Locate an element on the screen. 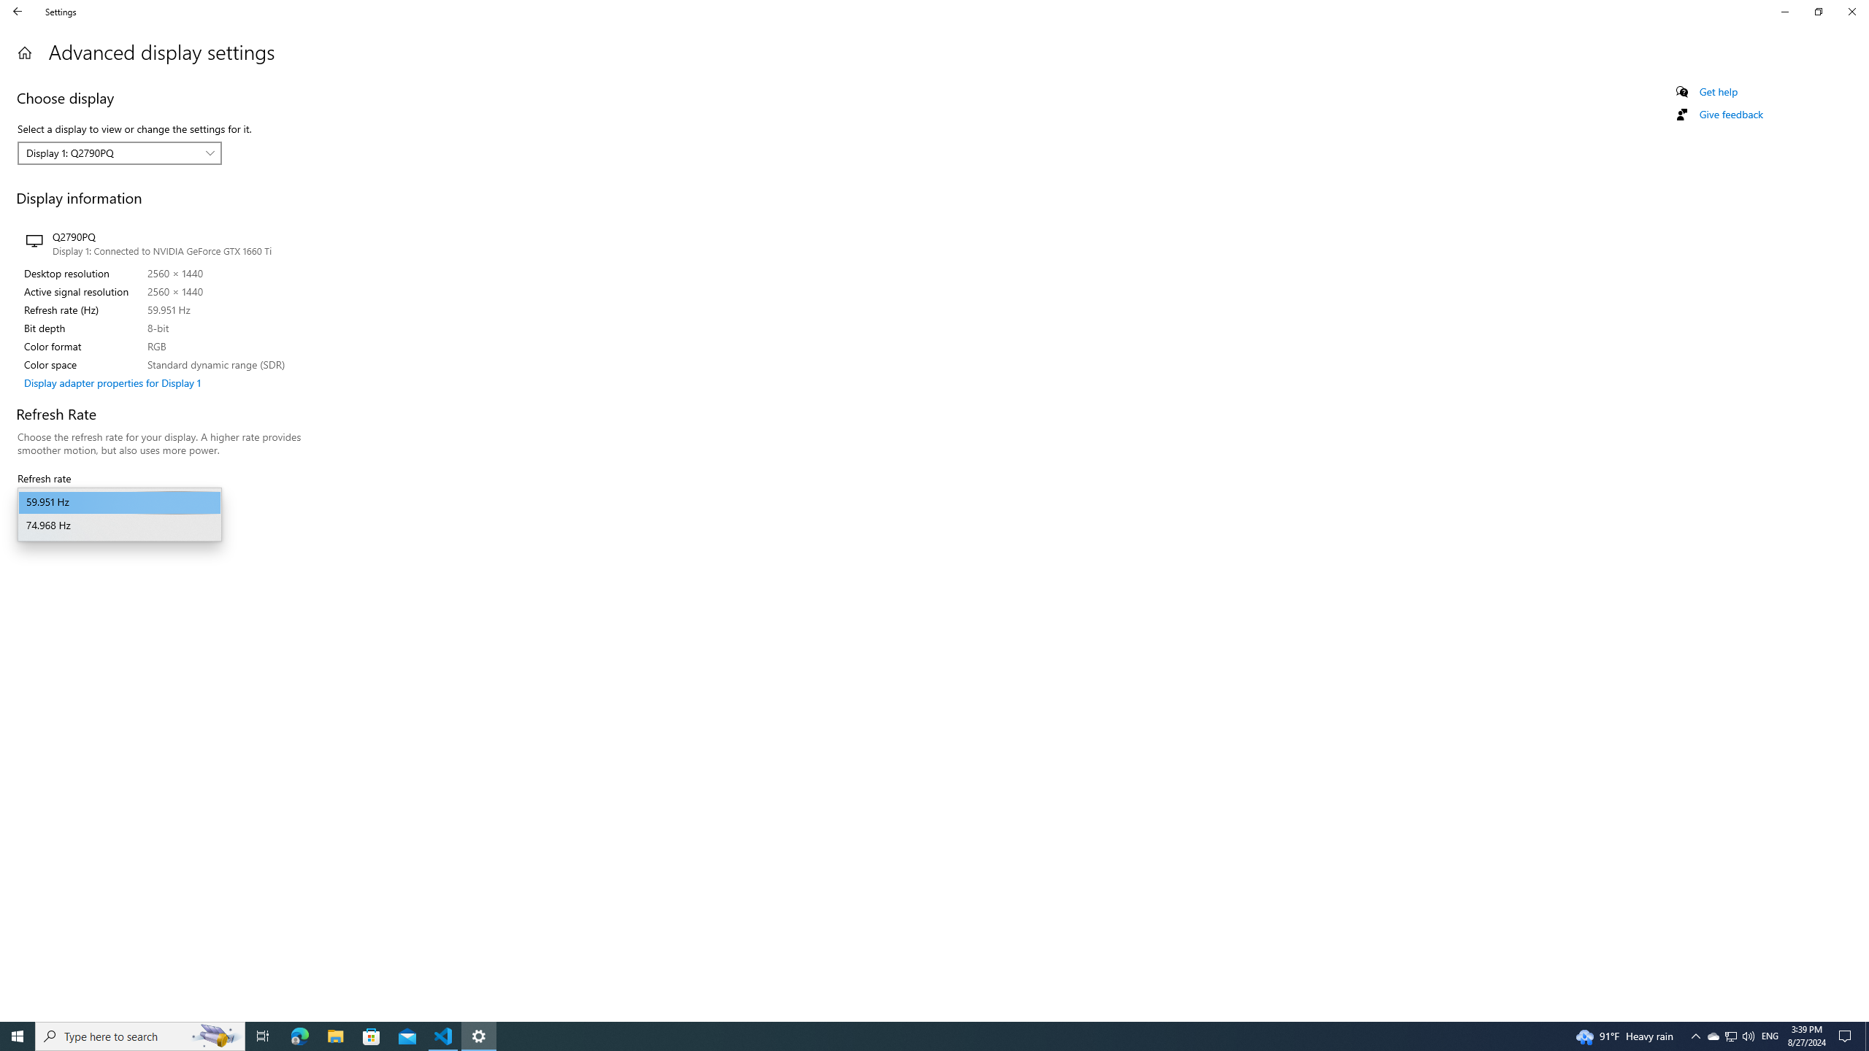  'Tray Input Indicator - English (United States)' is located at coordinates (1770, 1035).